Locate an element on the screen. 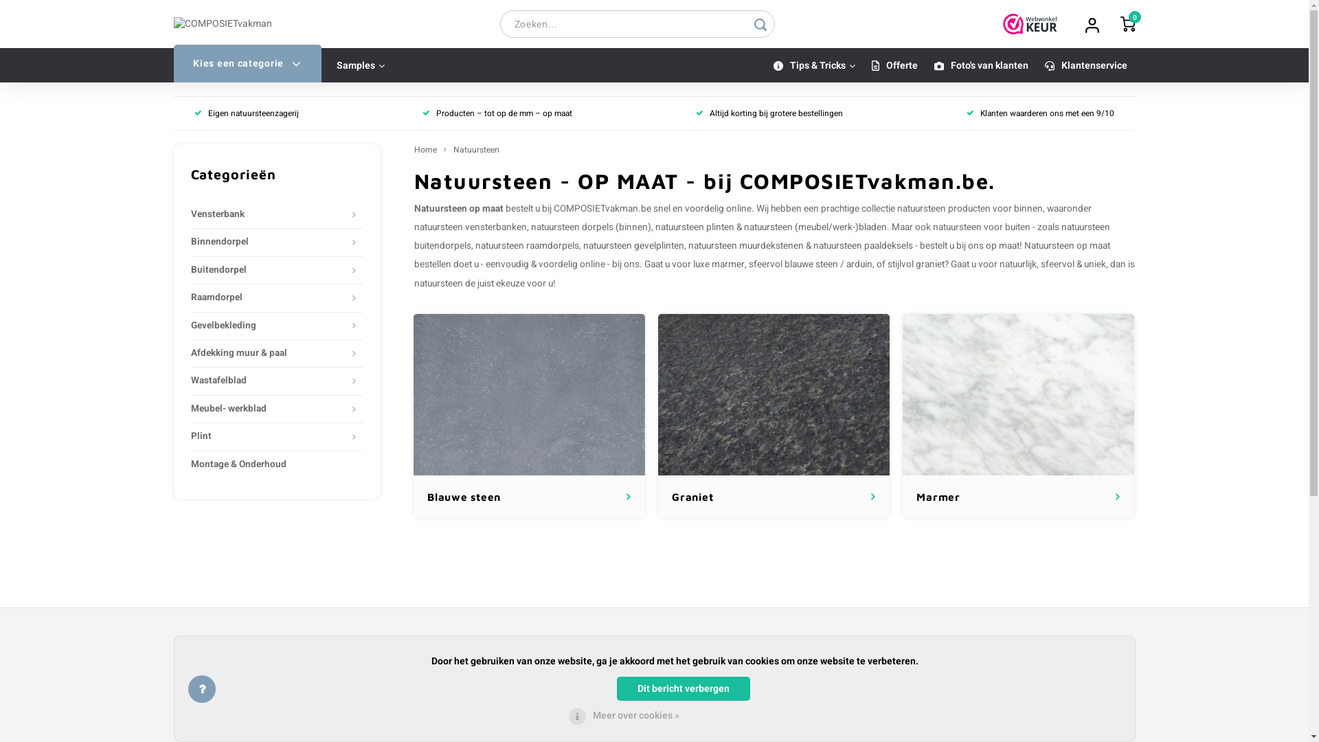 This screenshot has height=742, width=1319. 'Meubel- werkblad' is located at coordinates (268, 408).